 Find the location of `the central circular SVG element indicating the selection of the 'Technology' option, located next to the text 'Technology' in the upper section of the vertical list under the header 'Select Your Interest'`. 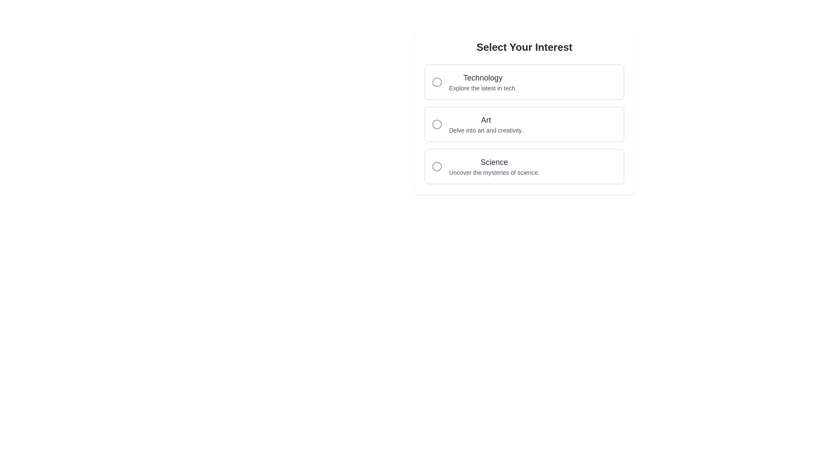

the central circular SVG element indicating the selection of the 'Technology' option, located next to the text 'Technology' in the upper section of the vertical list under the header 'Select Your Interest' is located at coordinates (437, 82).